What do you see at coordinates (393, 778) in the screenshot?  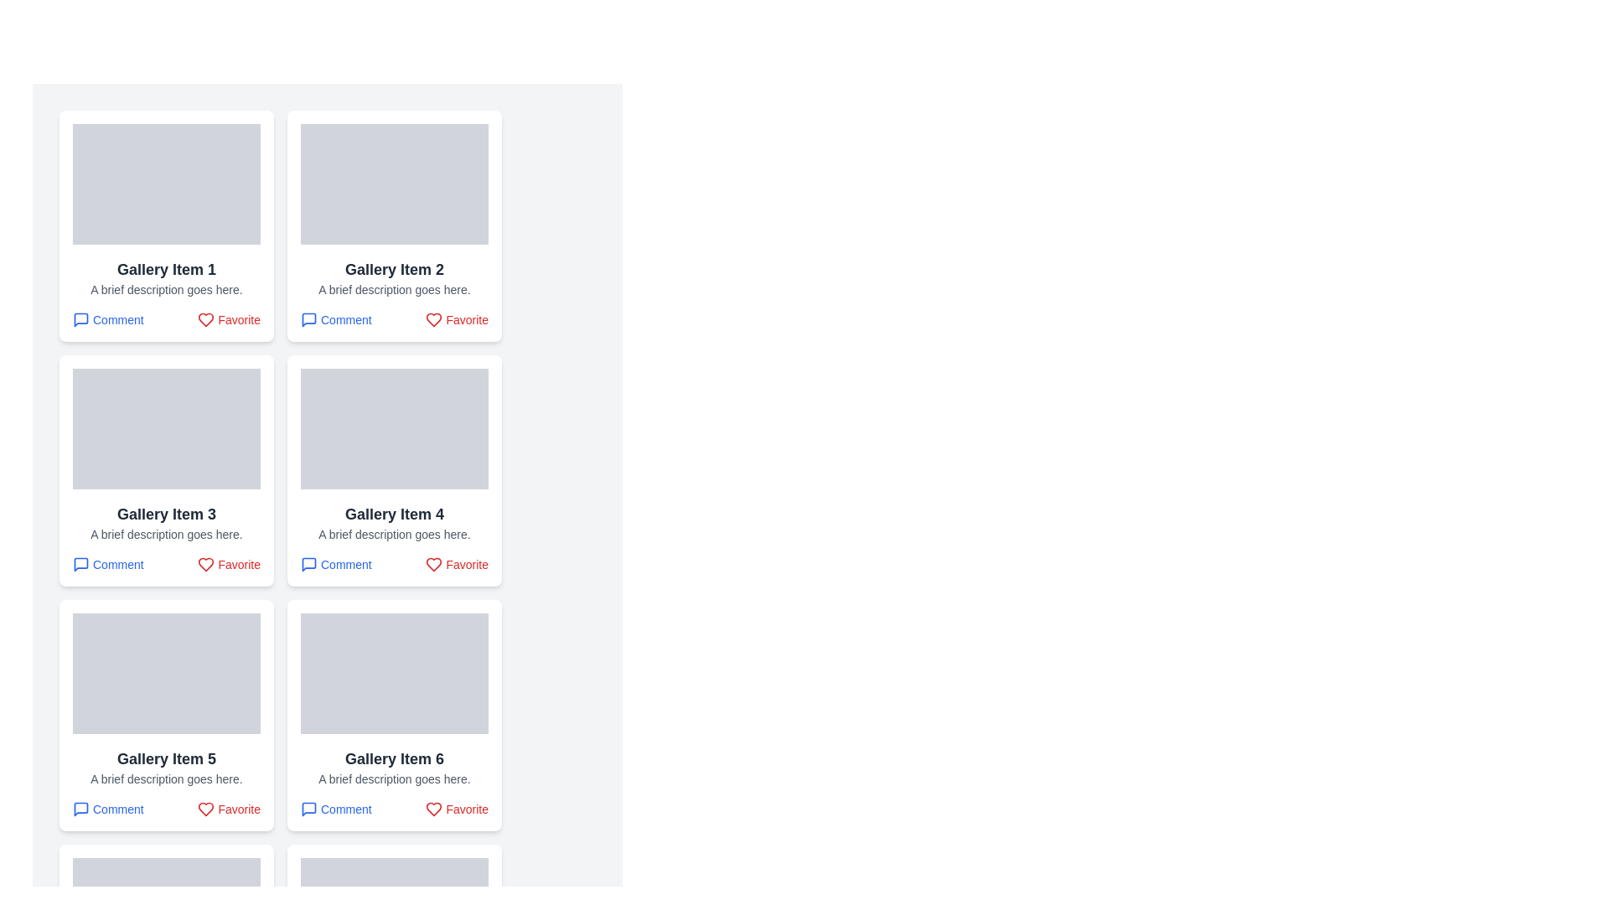 I see `the static text reading 'A brief description goes here.' located beneath the title 'Gallery Item 6' to copy it` at bounding box center [393, 778].